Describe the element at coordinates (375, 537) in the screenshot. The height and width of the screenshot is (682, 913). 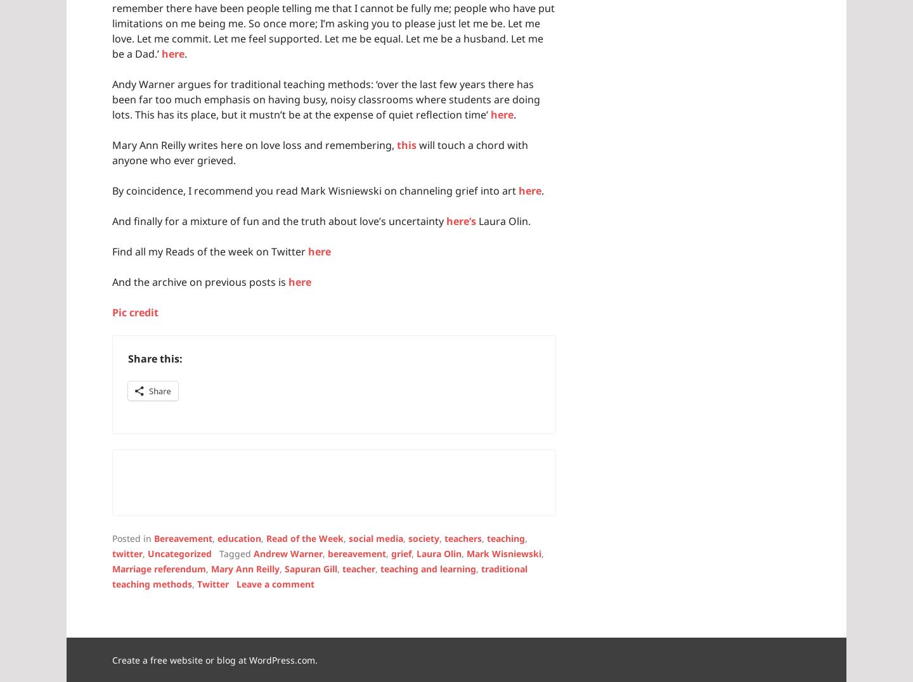
I see `'social media'` at that location.